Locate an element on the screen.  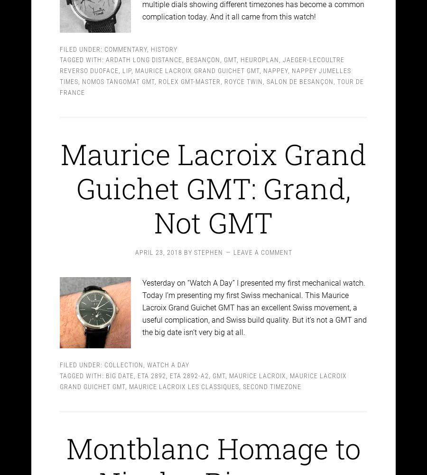
'LIP' is located at coordinates (126, 62).